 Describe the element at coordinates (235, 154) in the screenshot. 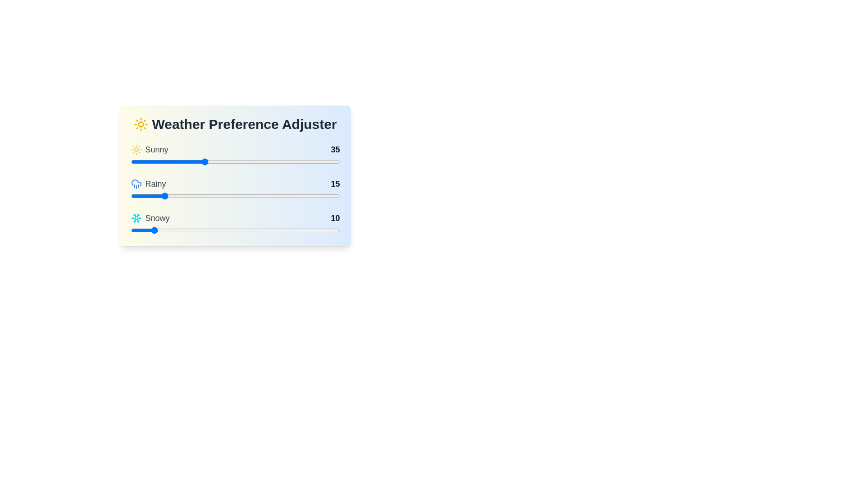

I see `the 'Sunny' slider to inspect its value` at that location.